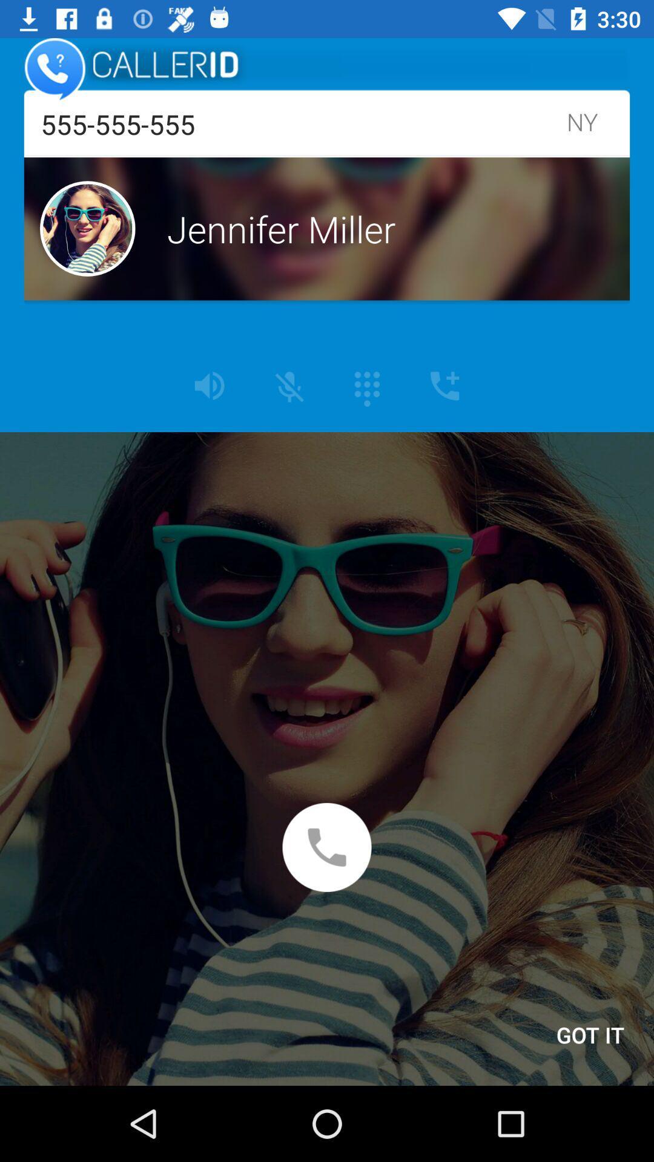  I want to click on the settings icon, so click(366, 389).